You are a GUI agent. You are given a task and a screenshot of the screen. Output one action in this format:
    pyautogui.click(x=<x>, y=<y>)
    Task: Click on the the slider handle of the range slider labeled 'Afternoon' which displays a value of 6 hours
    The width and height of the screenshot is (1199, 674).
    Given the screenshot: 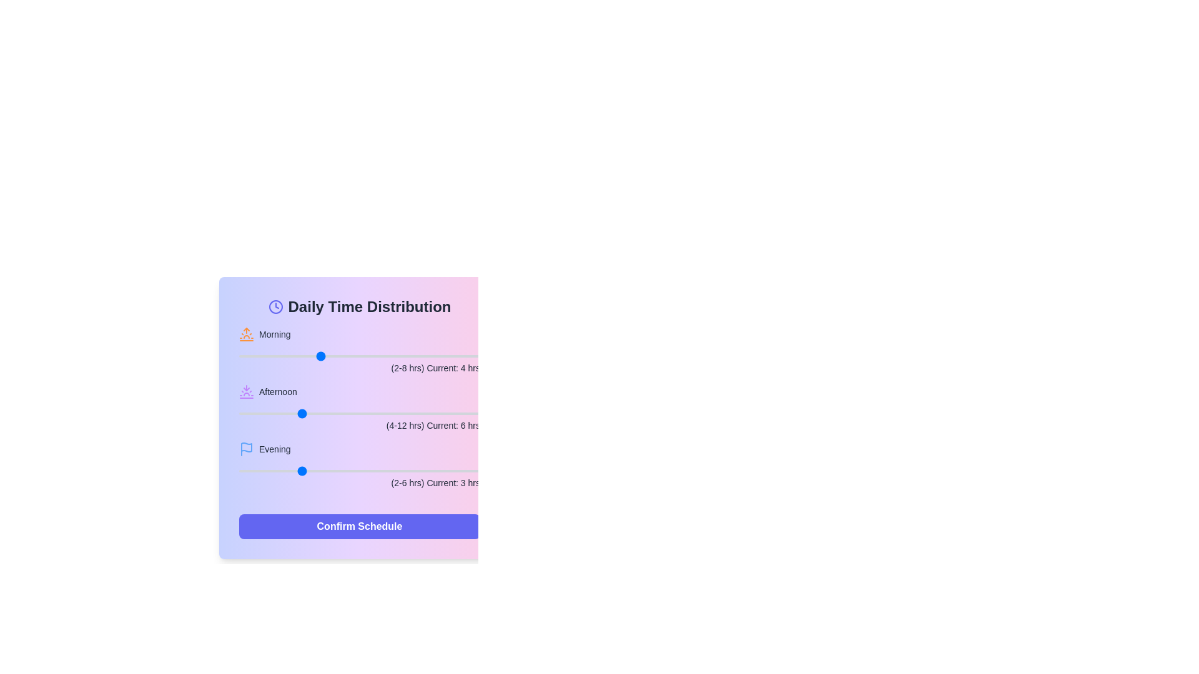 What is the action you would take?
    pyautogui.click(x=359, y=408)
    